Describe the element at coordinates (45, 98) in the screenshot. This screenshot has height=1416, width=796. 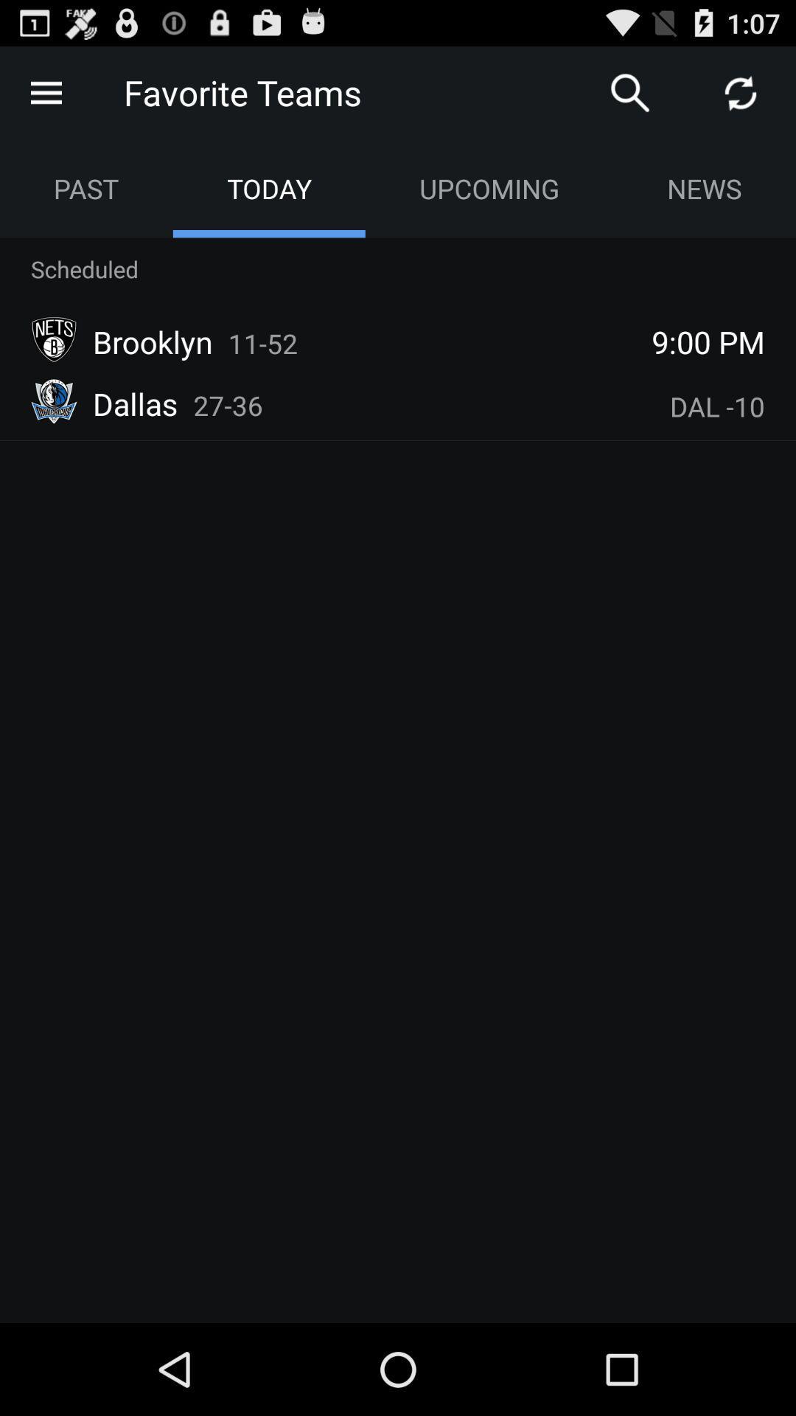
I see `the menu icon` at that location.